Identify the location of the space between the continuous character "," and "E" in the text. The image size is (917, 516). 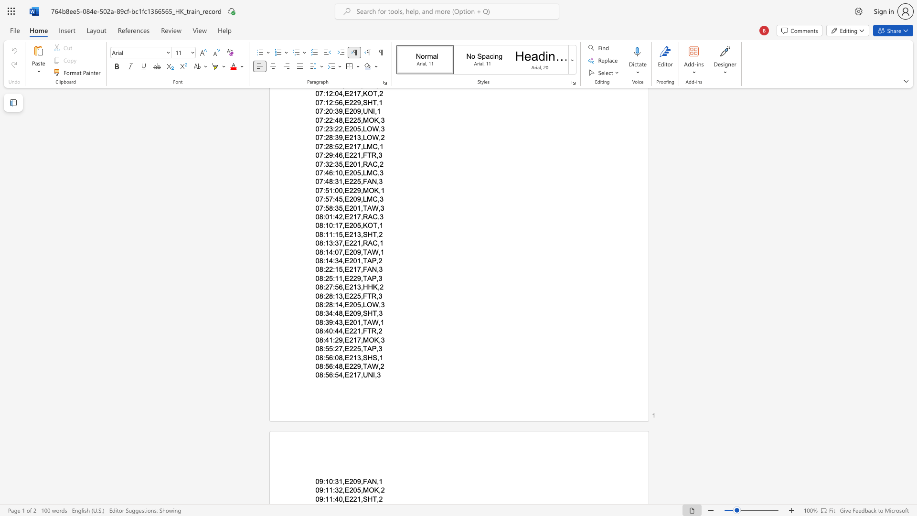
(345, 313).